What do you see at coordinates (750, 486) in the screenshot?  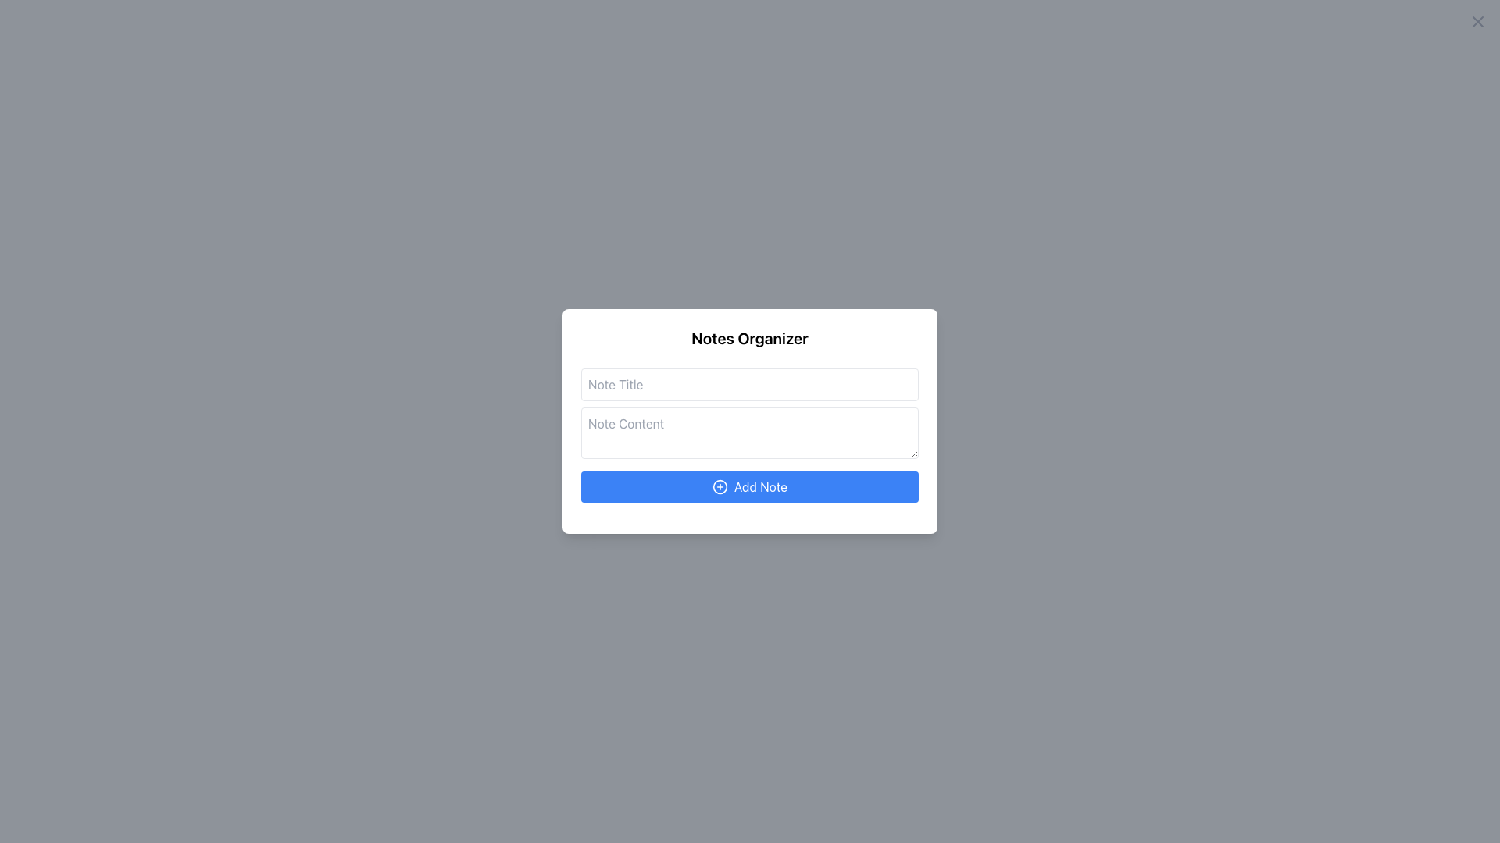 I see `the blue rectangular button labeled 'Add Note'` at bounding box center [750, 486].